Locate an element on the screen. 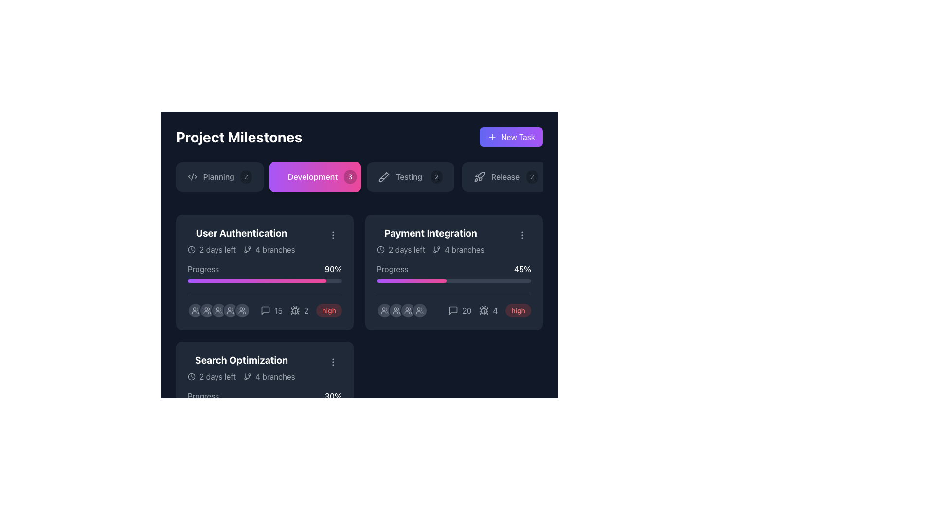  the Text label displaying '4 branches', which is located in the lower-left area of the 'User Authentication' card next to the branching icon is located at coordinates (275, 249).